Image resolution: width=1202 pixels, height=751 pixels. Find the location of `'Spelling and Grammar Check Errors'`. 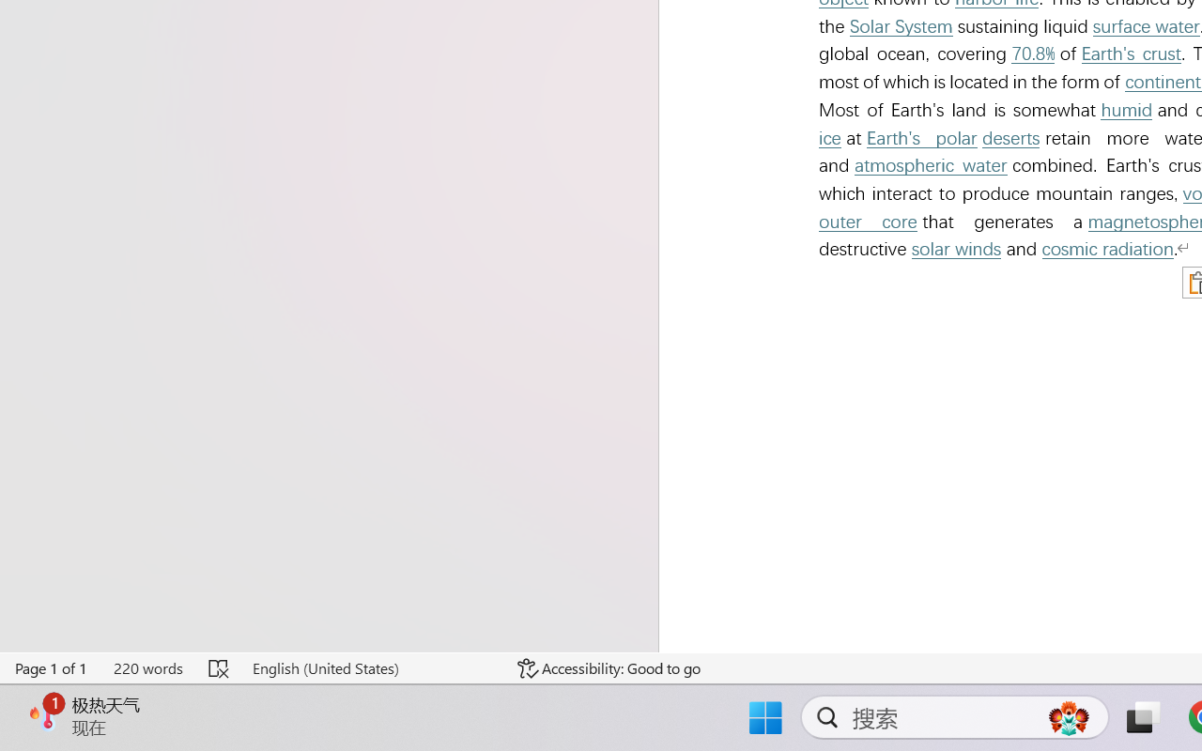

'Spelling and Grammar Check Errors' is located at coordinates (220, 667).